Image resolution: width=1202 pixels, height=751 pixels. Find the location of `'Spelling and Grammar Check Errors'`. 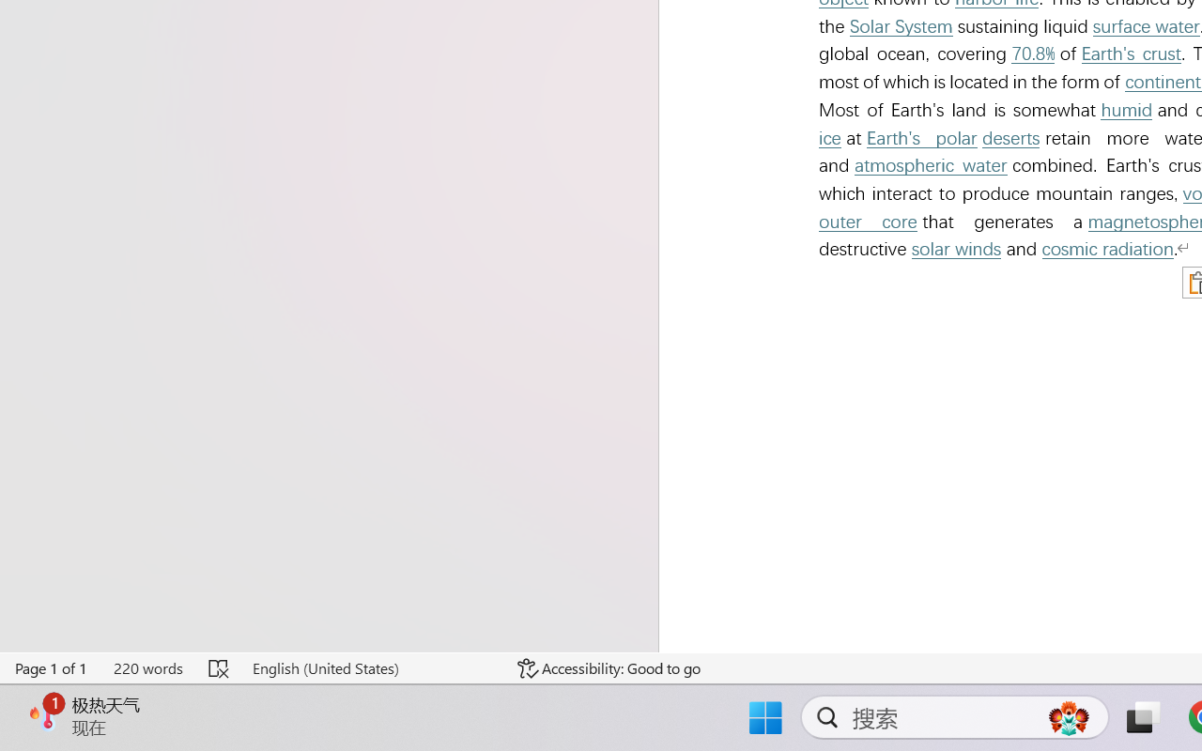

'Spelling and Grammar Check Errors' is located at coordinates (220, 667).